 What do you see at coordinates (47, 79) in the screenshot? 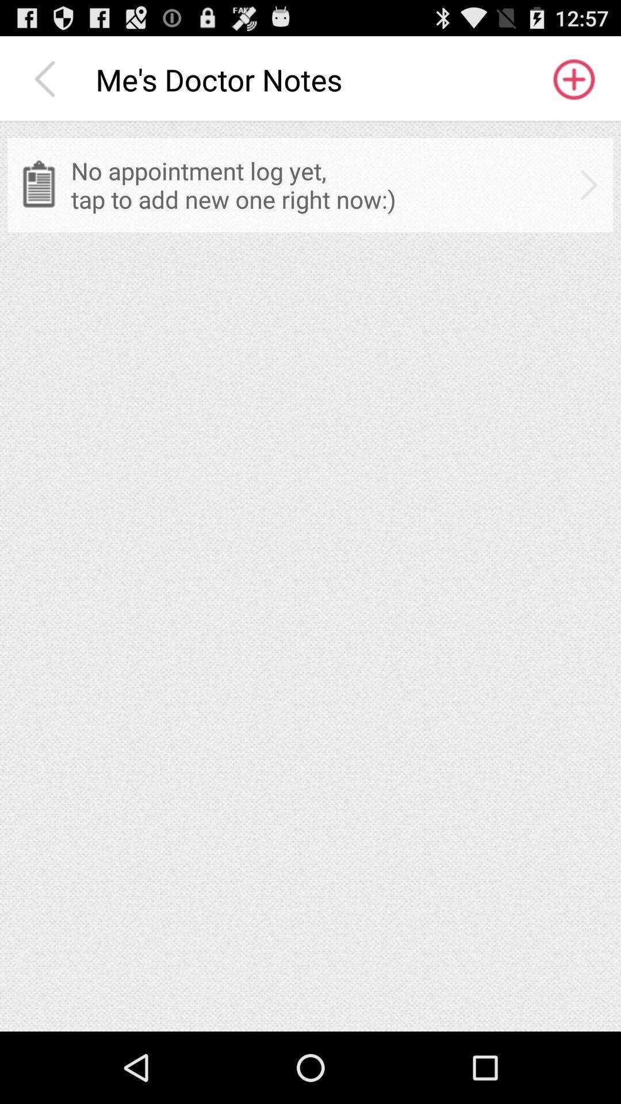
I see `item next to me s doctor` at bounding box center [47, 79].